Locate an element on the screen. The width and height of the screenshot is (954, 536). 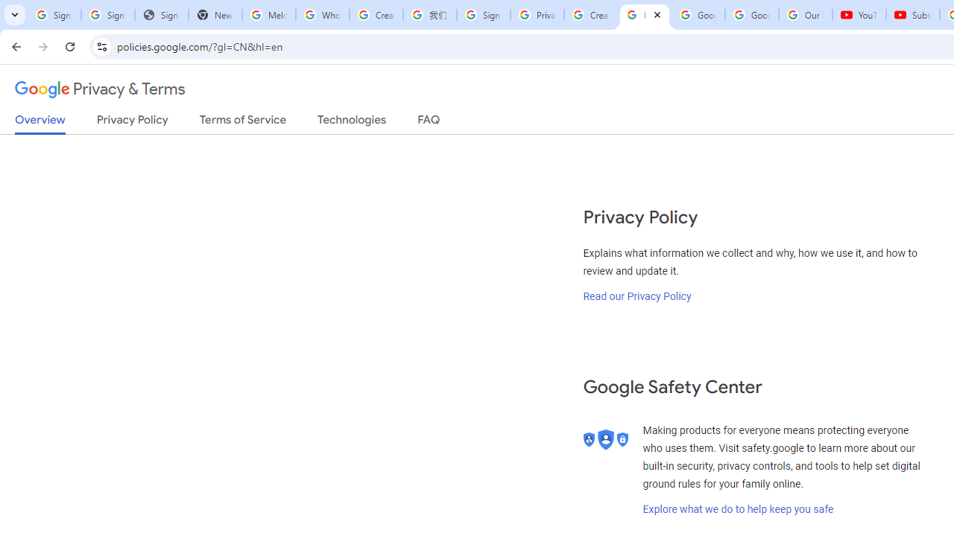
'Who is my administrator? - Google Account Help' is located at coordinates (321, 15).